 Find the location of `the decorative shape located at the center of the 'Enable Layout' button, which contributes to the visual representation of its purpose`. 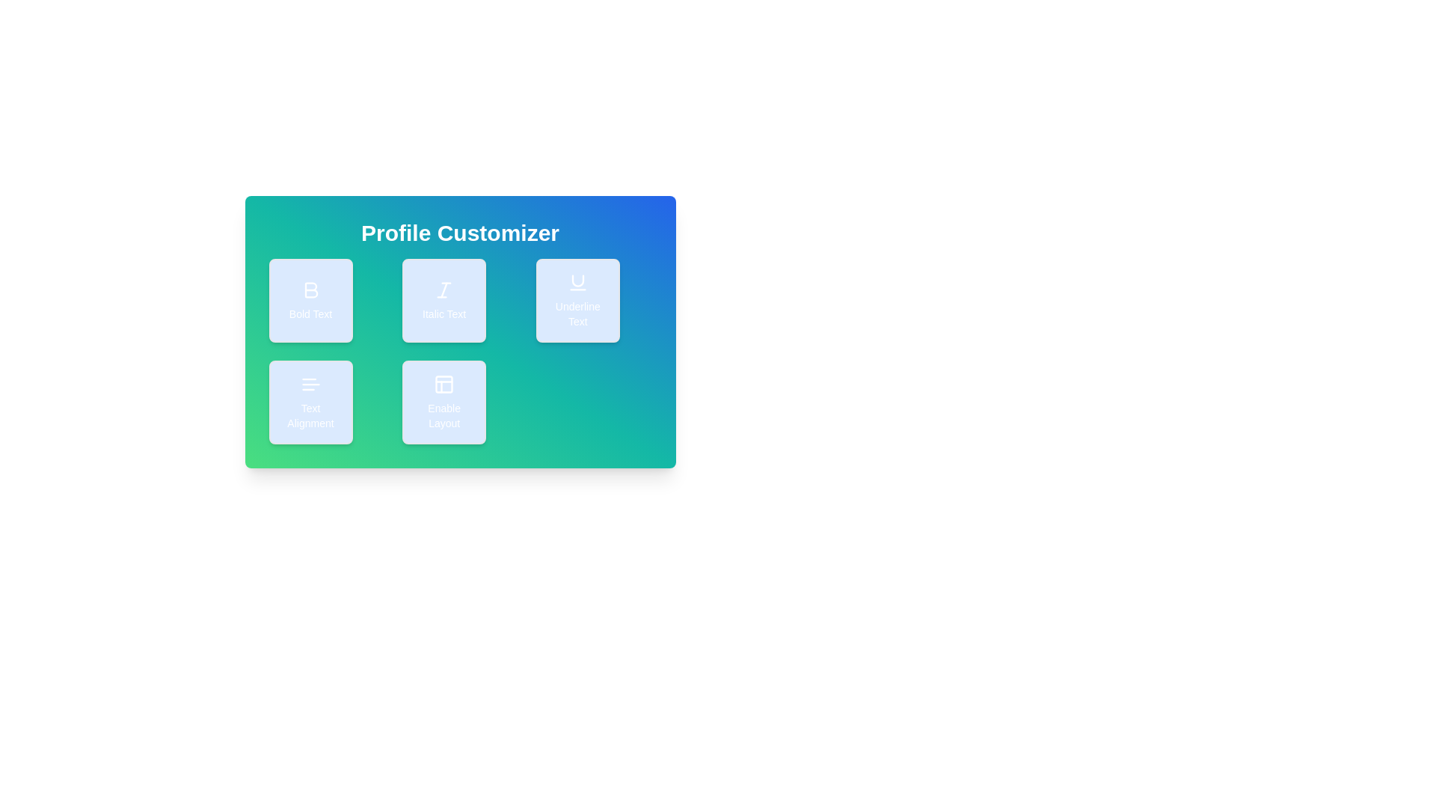

the decorative shape located at the center of the 'Enable Layout' button, which contributes to the visual representation of its purpose is located at coordinates (444, 383).